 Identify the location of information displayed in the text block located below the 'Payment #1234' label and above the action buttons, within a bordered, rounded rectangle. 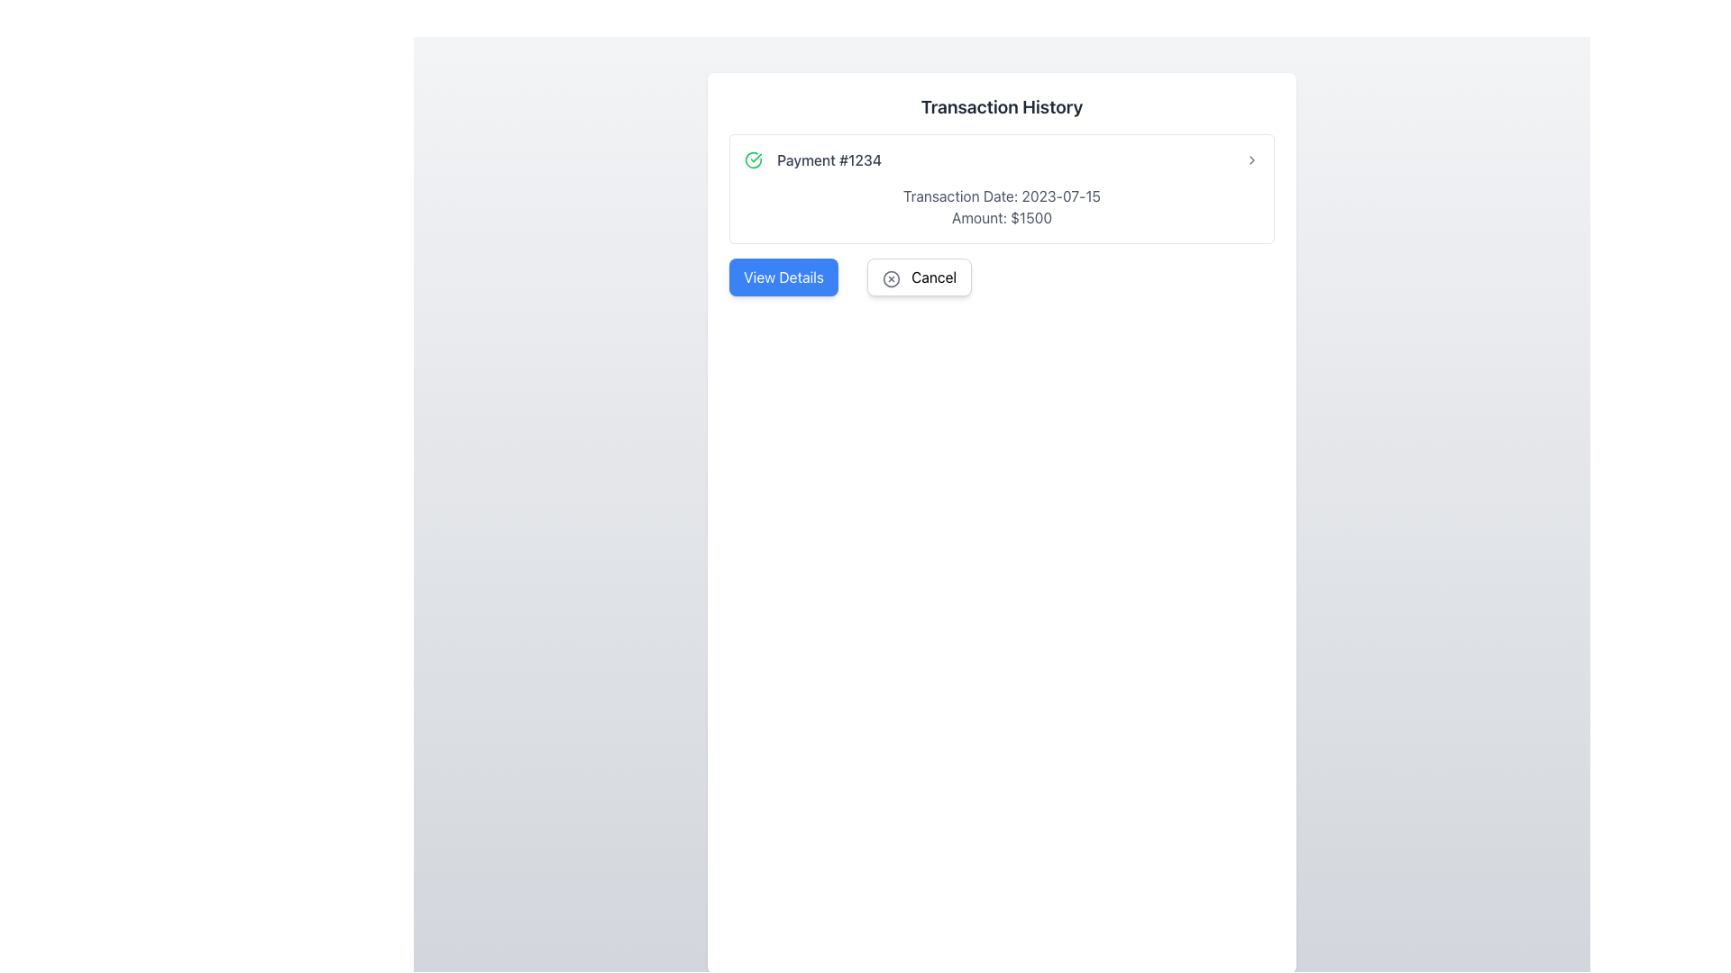
(1001, 206).